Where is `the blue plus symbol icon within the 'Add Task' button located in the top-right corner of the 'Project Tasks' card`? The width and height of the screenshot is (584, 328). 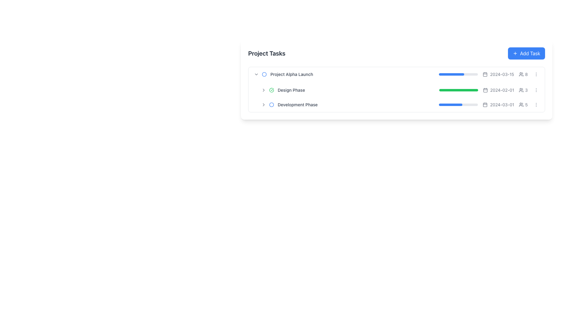 the blue plus symbol icon within the 'Add Task' button located in the top-right corner of the 'Project Tasks' card is located at coordinates (515, 53).